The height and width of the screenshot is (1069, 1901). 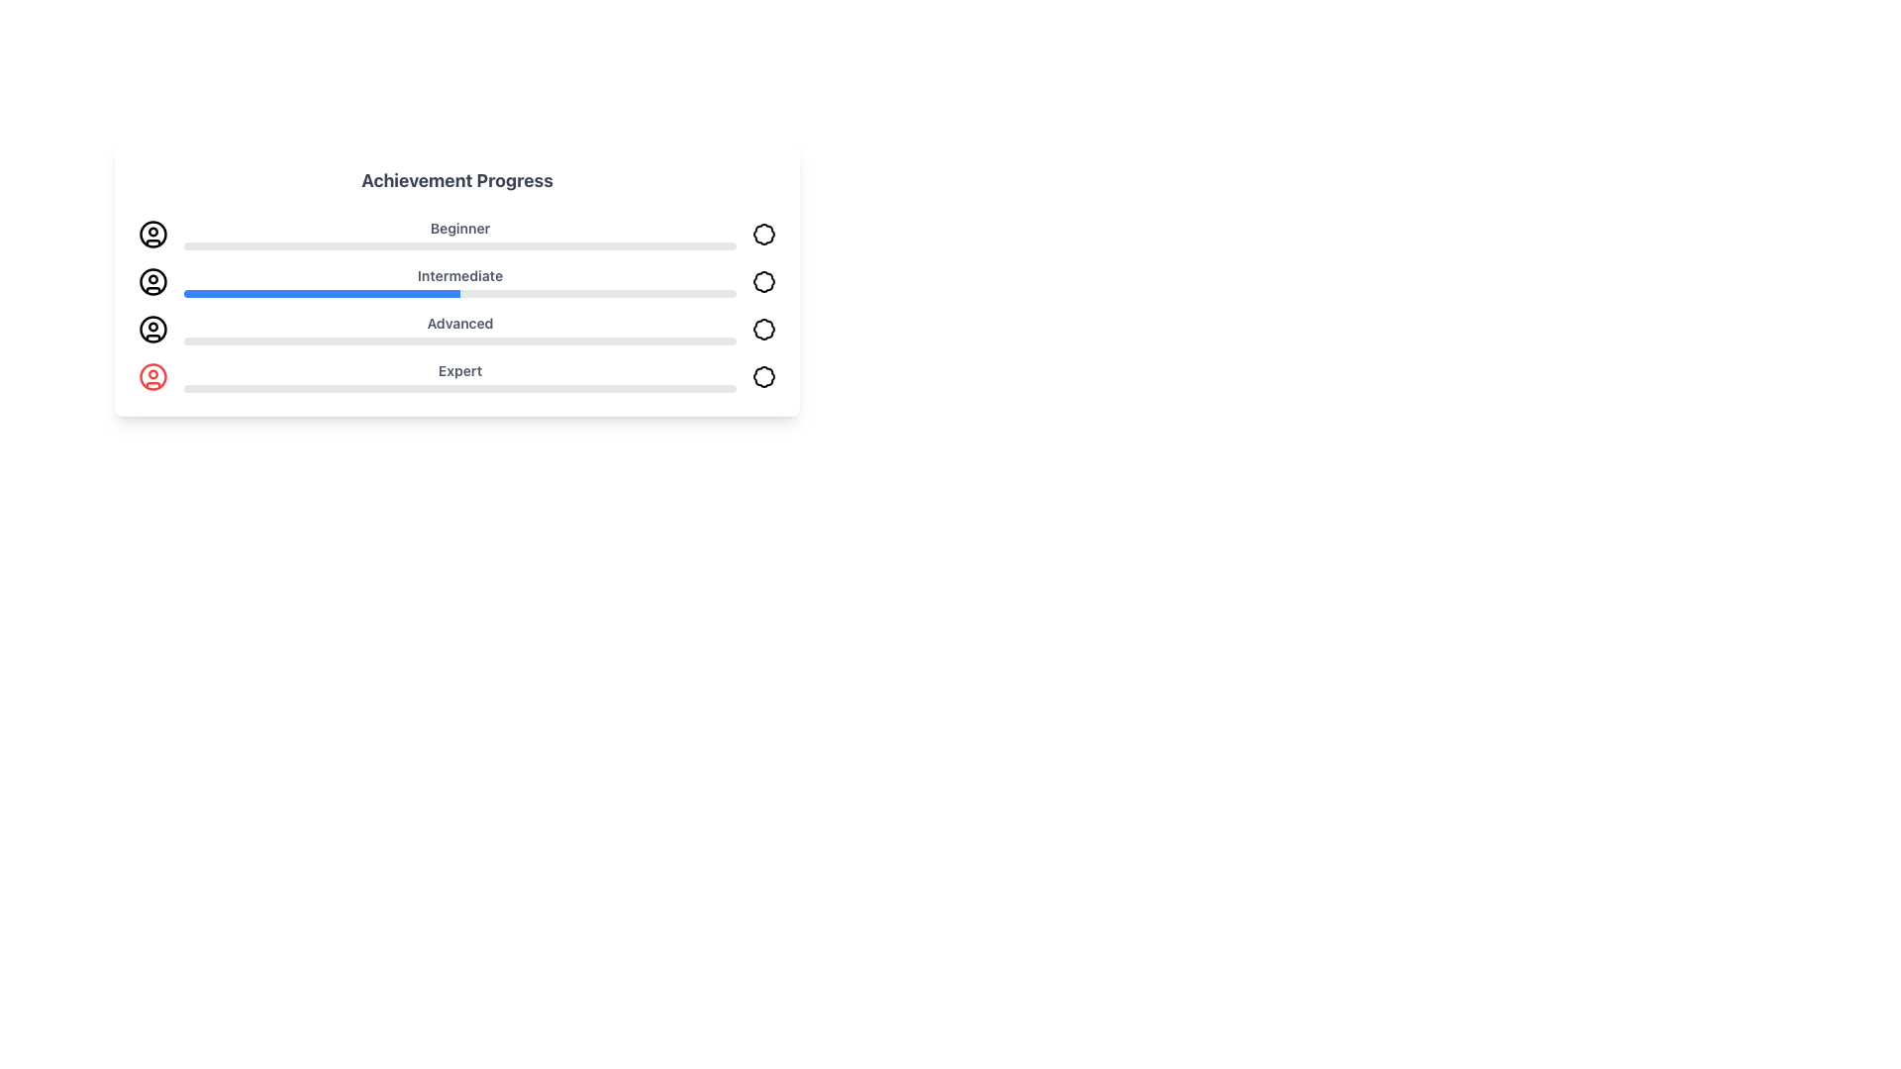 I want to click on the horizontal progress bar in the 'Advanced' section of the achievement progress display, which has a bright yellow fill and represents 70% completion, so click(x=377, y=340).